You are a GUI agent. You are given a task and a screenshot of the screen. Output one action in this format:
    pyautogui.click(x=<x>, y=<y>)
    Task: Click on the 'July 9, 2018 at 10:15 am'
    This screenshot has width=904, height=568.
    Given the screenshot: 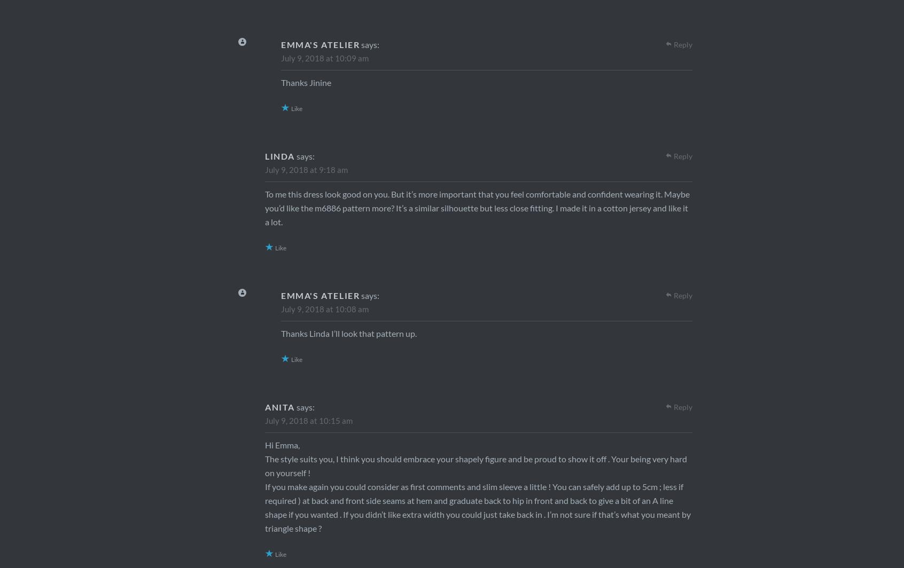 What is the action you would take?
    pyautogui.click(x=308, y=420)
    